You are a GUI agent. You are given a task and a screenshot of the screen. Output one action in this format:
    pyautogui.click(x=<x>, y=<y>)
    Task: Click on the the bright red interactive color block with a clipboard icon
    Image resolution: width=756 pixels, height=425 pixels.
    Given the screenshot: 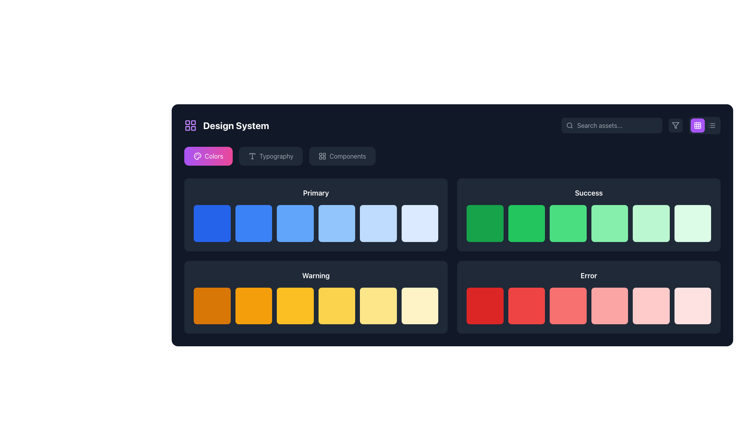 What is the action you would take?
    pyautogui.click(x=484, y=305)
    